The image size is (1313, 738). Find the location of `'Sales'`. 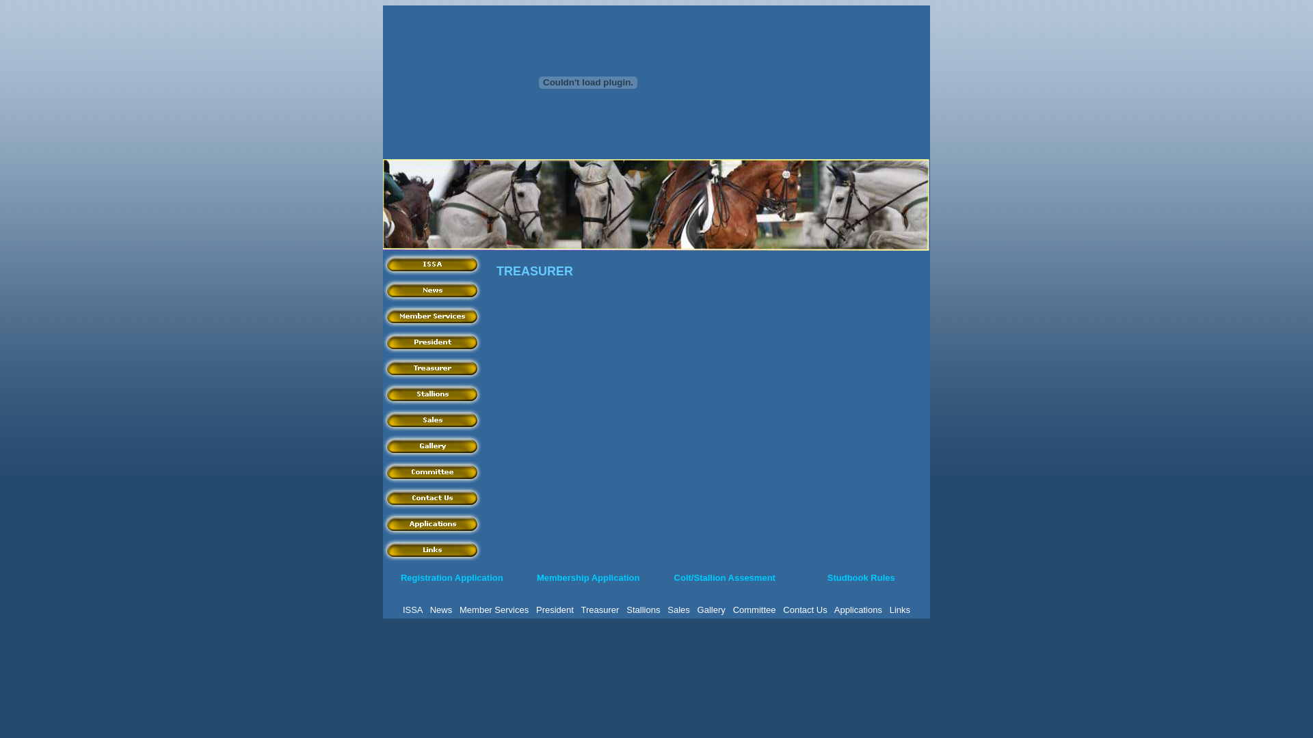

'Sales' is located at coordinates (432, 418).